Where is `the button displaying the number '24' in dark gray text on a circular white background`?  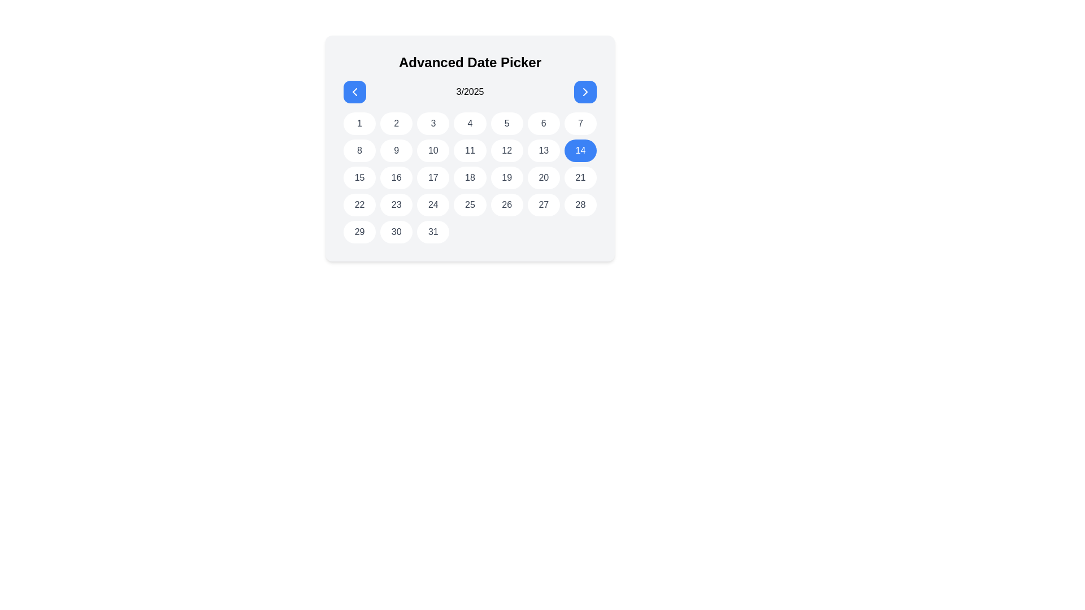
the button displaying the number '24' in dark gray text on a circular white background is located at coordinates (432, 204).